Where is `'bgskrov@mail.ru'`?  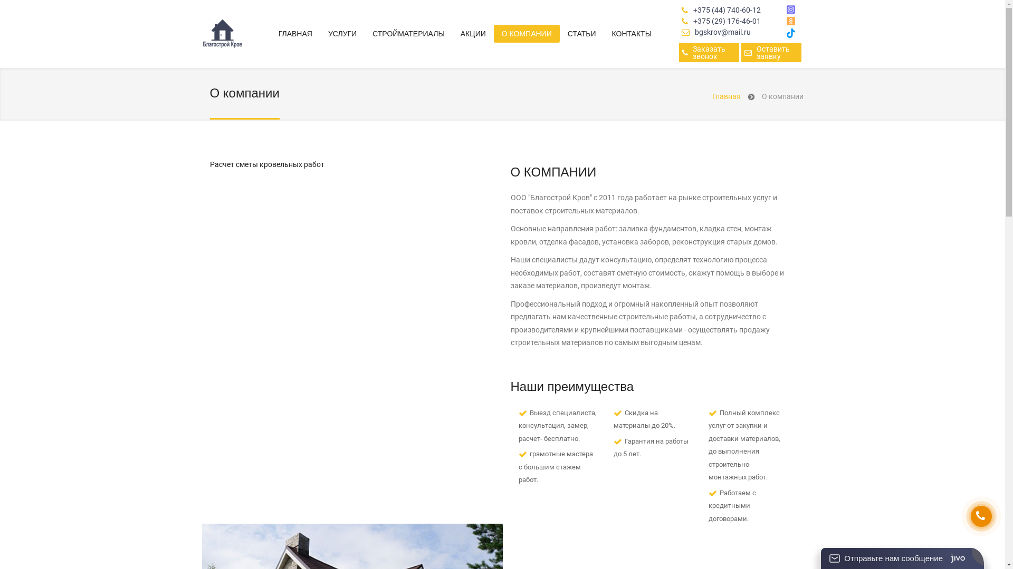
'bgskrov@mail.ru' is located at coordinates (722, 32).